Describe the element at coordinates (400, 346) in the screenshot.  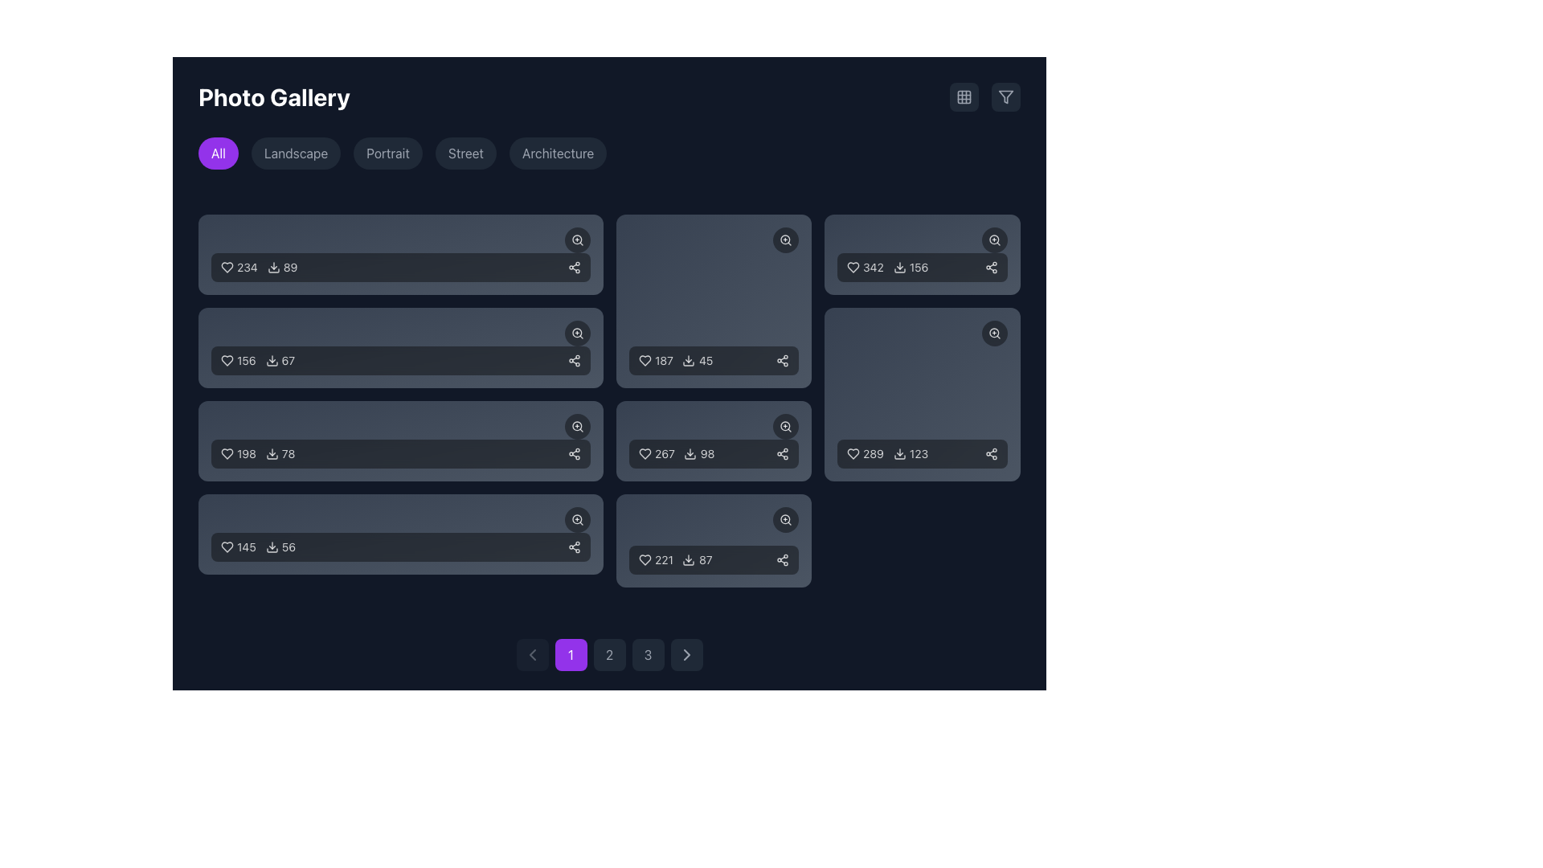
I see `the likes and download statistics in the interactive row containing a heart icon with '156' and a download icon with '67'` at that location.